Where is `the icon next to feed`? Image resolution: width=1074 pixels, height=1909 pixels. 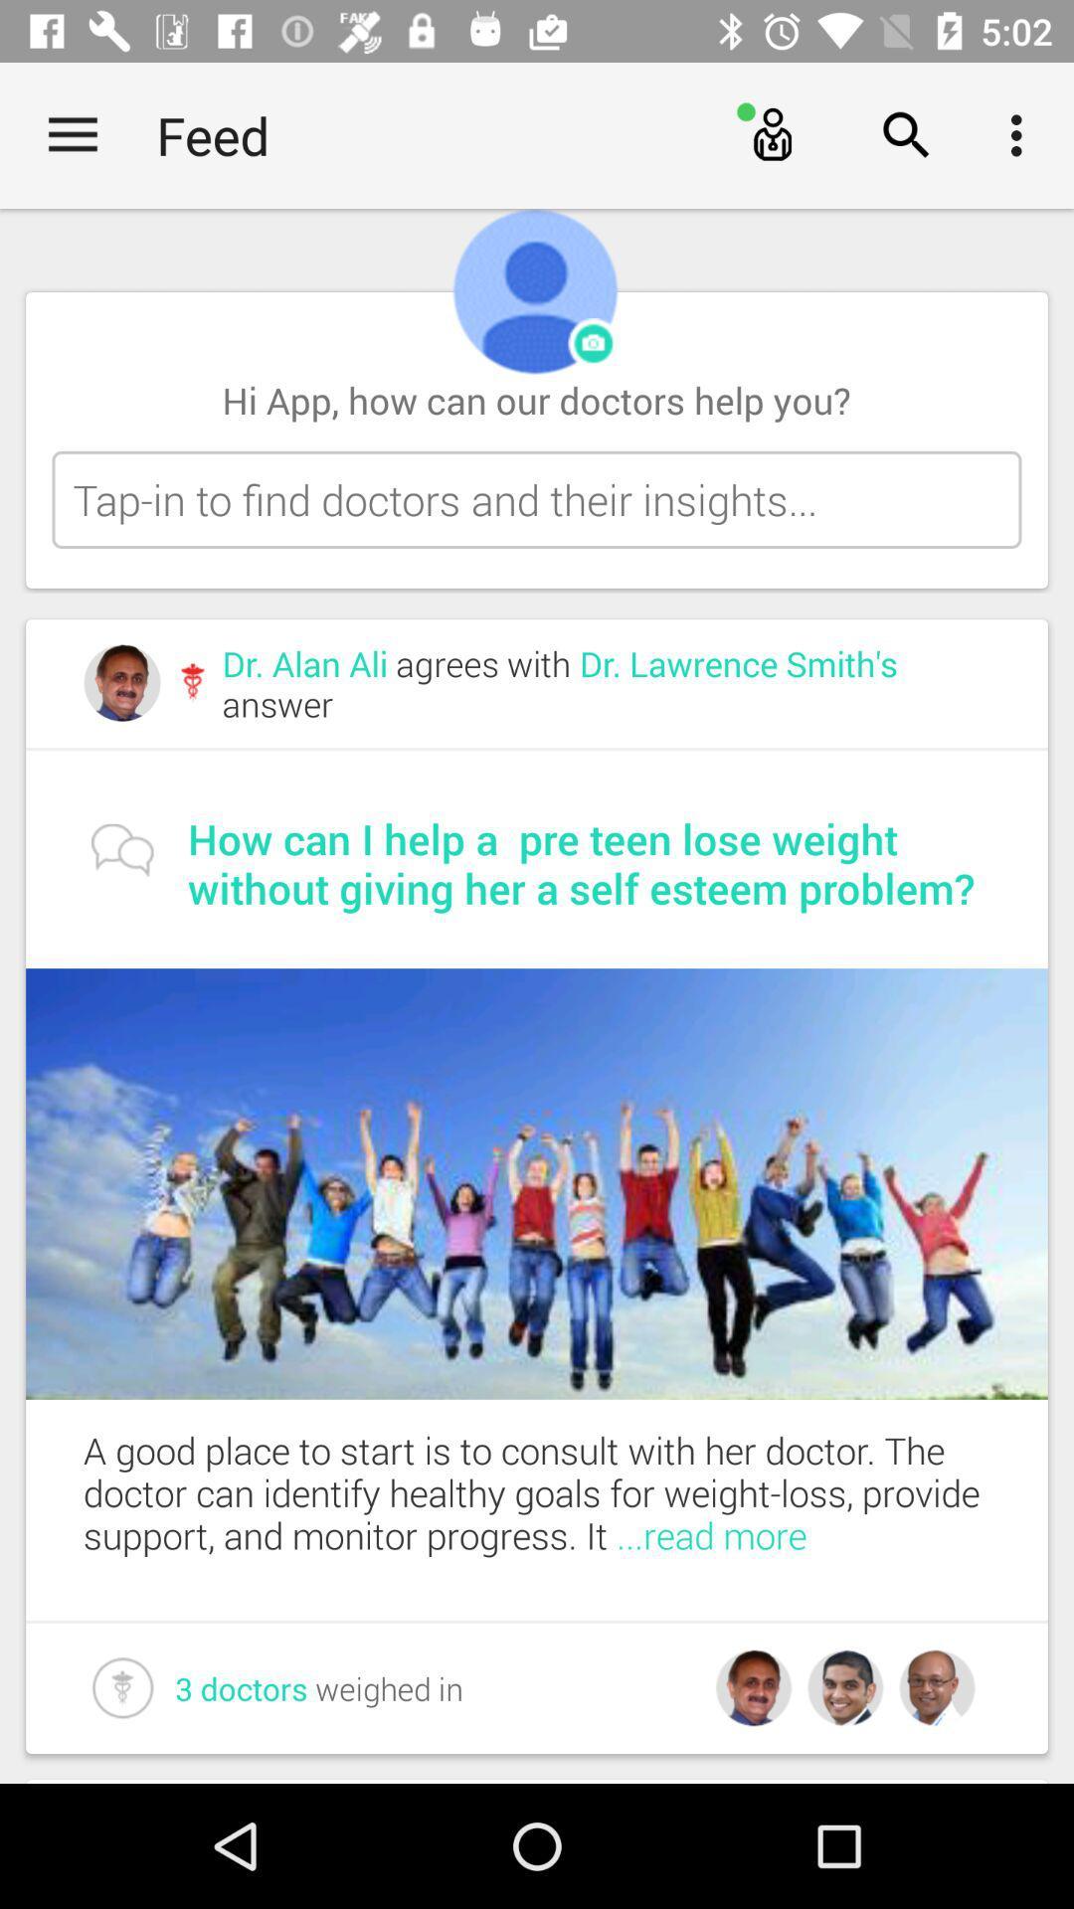 the icon next to feed is located at coordinates (72, 134).